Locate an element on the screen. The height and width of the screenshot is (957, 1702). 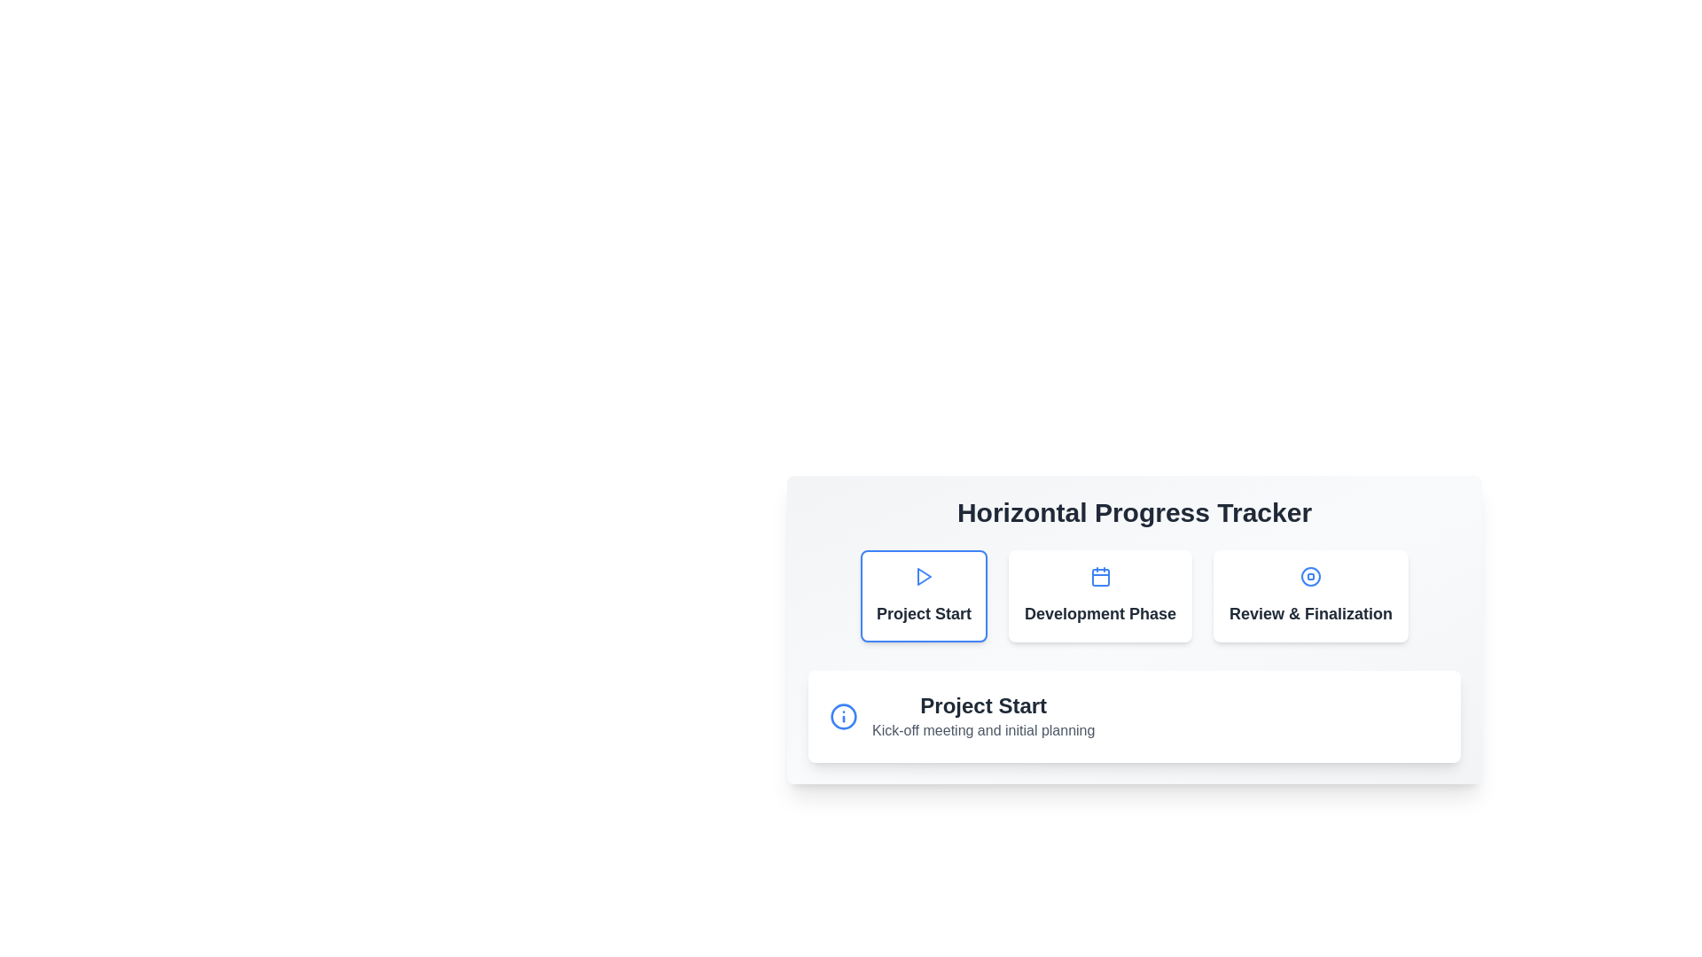
the SVG Shape icon indicating the 'Project Start' phase in the progress tracker is located at coordinates (924, 577).